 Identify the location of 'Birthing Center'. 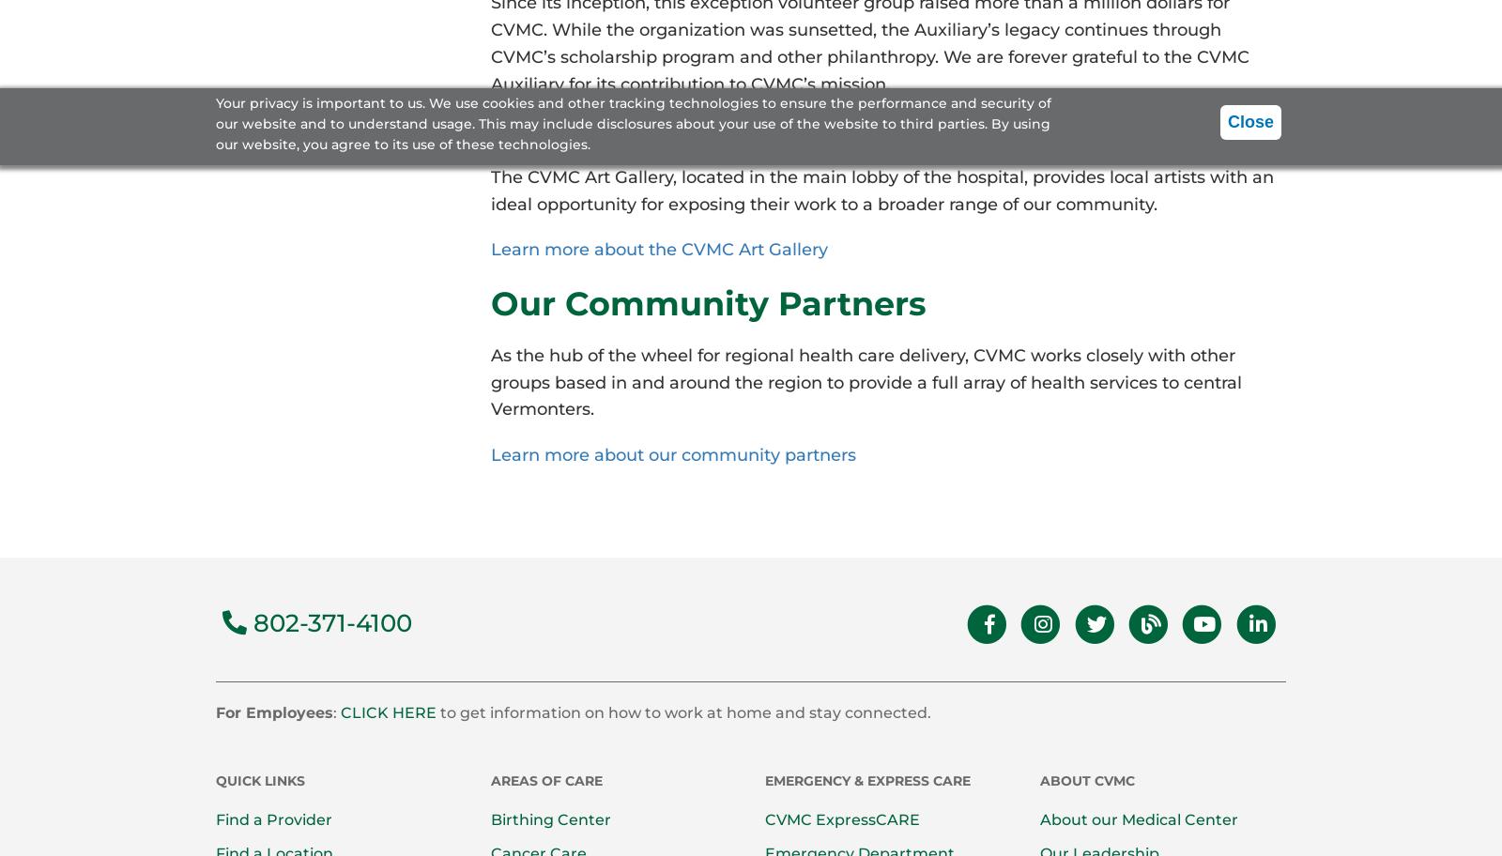
(548, 819).